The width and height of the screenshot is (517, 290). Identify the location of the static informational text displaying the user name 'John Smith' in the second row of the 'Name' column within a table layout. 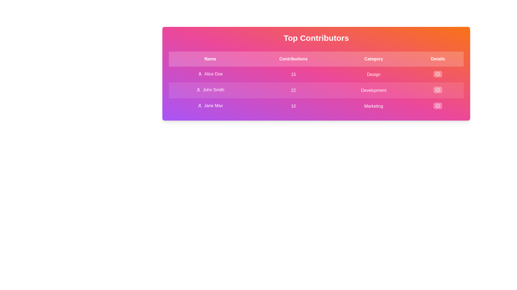
(210, 90).